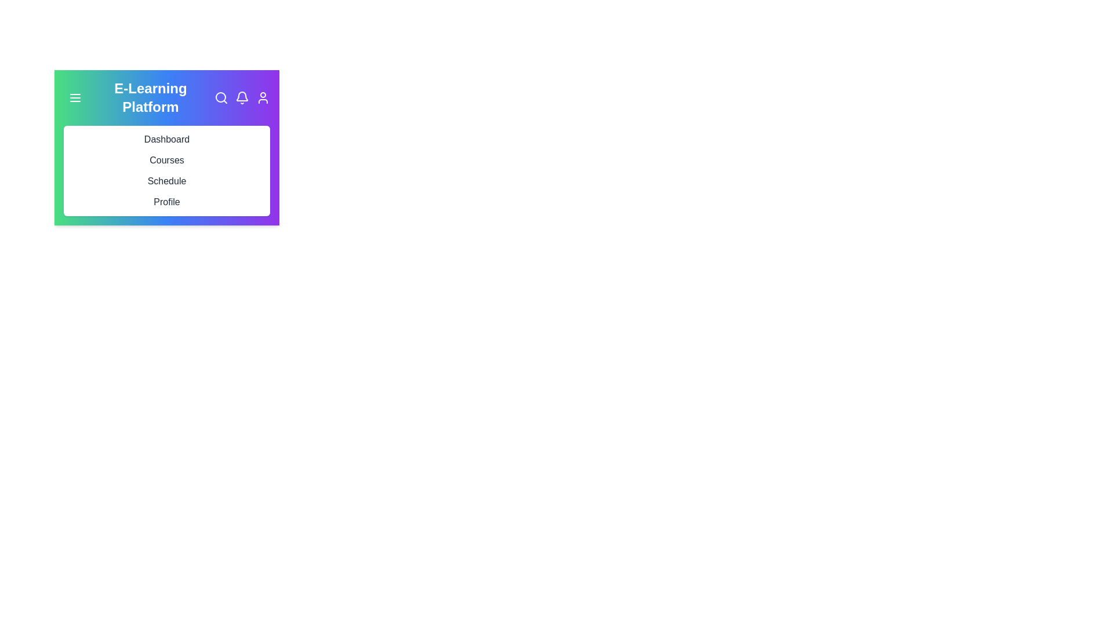 The width and height of the screenshot is (1113, 626). Describe the element at coordinates (221, 97) in the screenshot. I see `the search icon to toggle the search bar` at that location.